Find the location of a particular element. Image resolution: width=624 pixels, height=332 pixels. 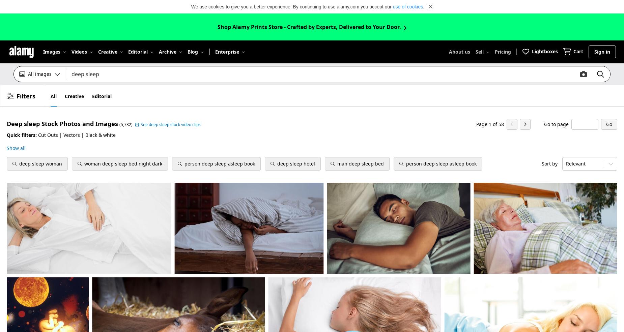

'Sign up as a contributor' is located at coordinates (506, 96).